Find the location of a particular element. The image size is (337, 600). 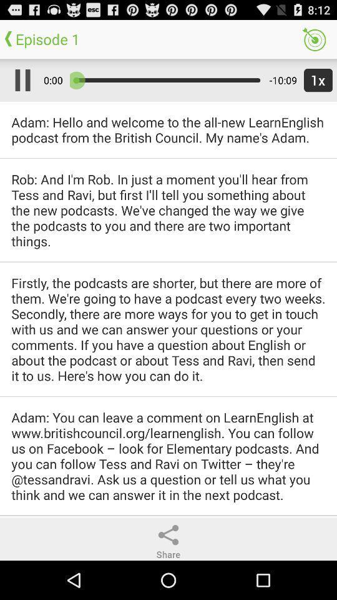

firstly the podcasts icon is located at coordinates (168, 328).